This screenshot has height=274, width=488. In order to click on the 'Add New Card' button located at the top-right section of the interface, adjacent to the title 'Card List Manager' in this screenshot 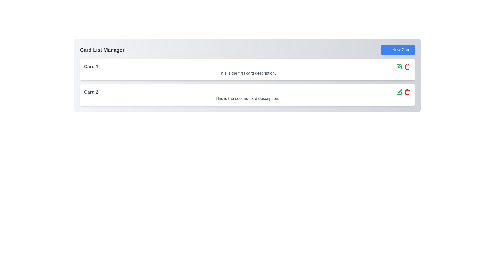, I will do `click(398, 50)`.